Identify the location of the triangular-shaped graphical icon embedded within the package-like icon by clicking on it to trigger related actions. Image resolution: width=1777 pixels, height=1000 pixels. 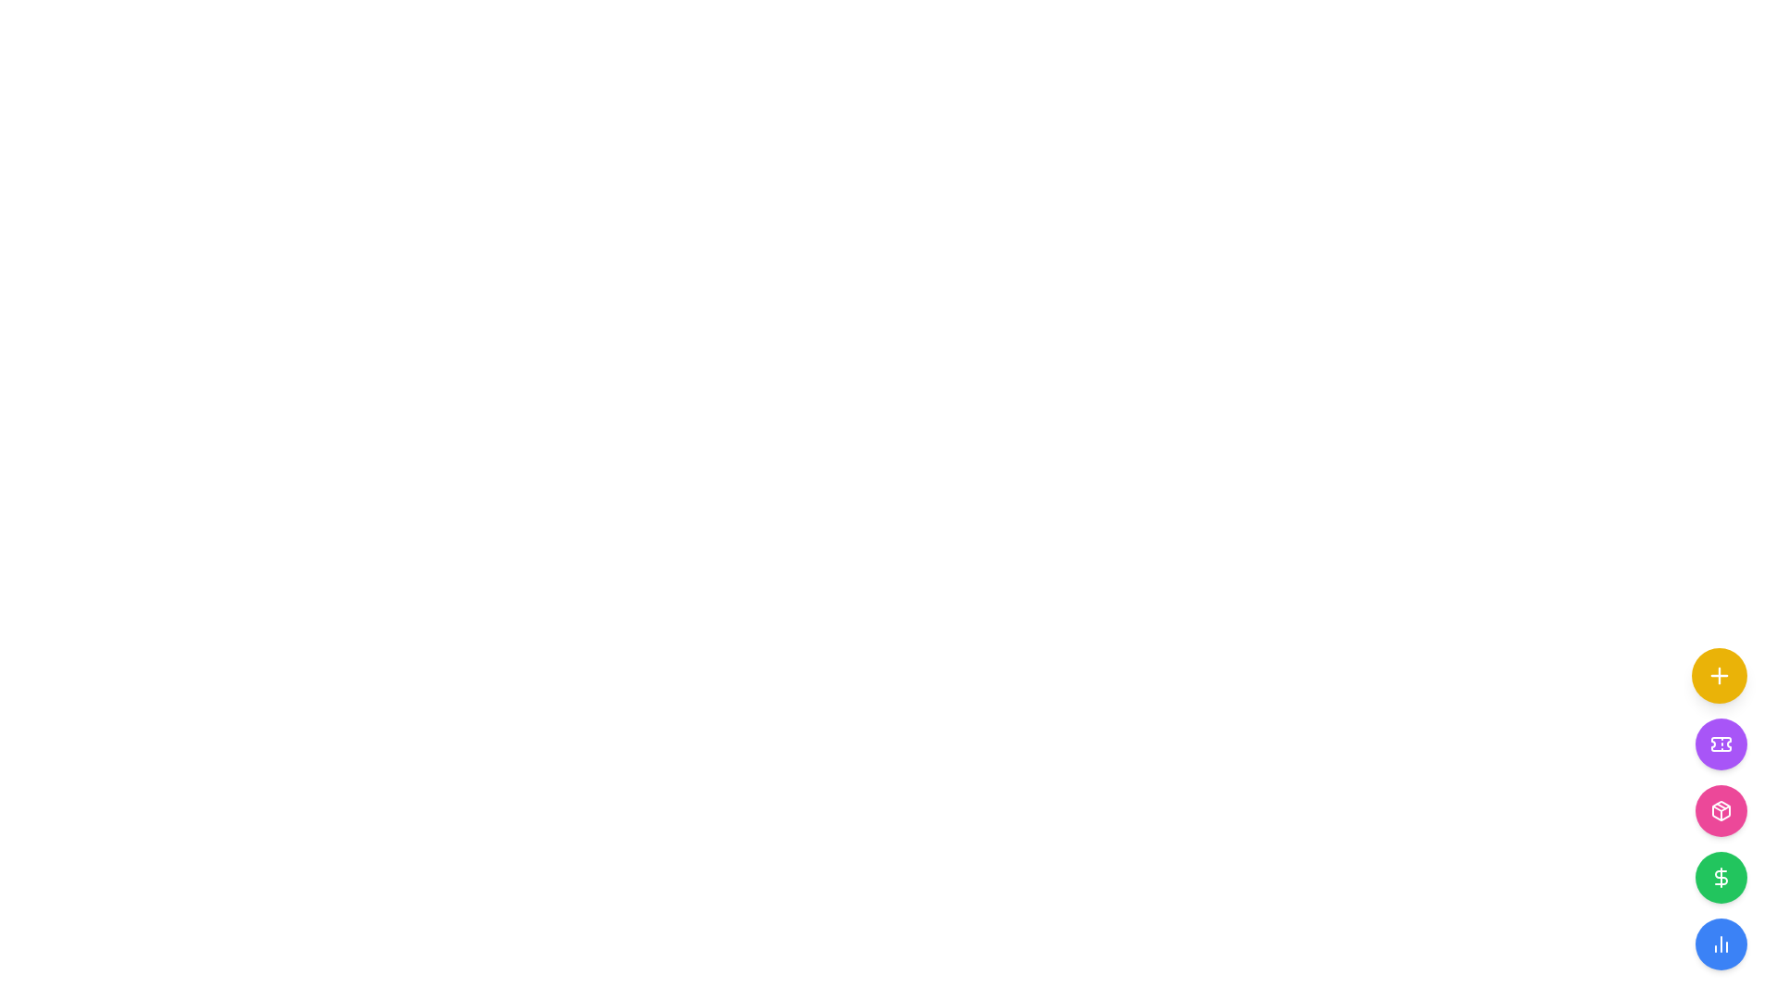
(1721, 807).